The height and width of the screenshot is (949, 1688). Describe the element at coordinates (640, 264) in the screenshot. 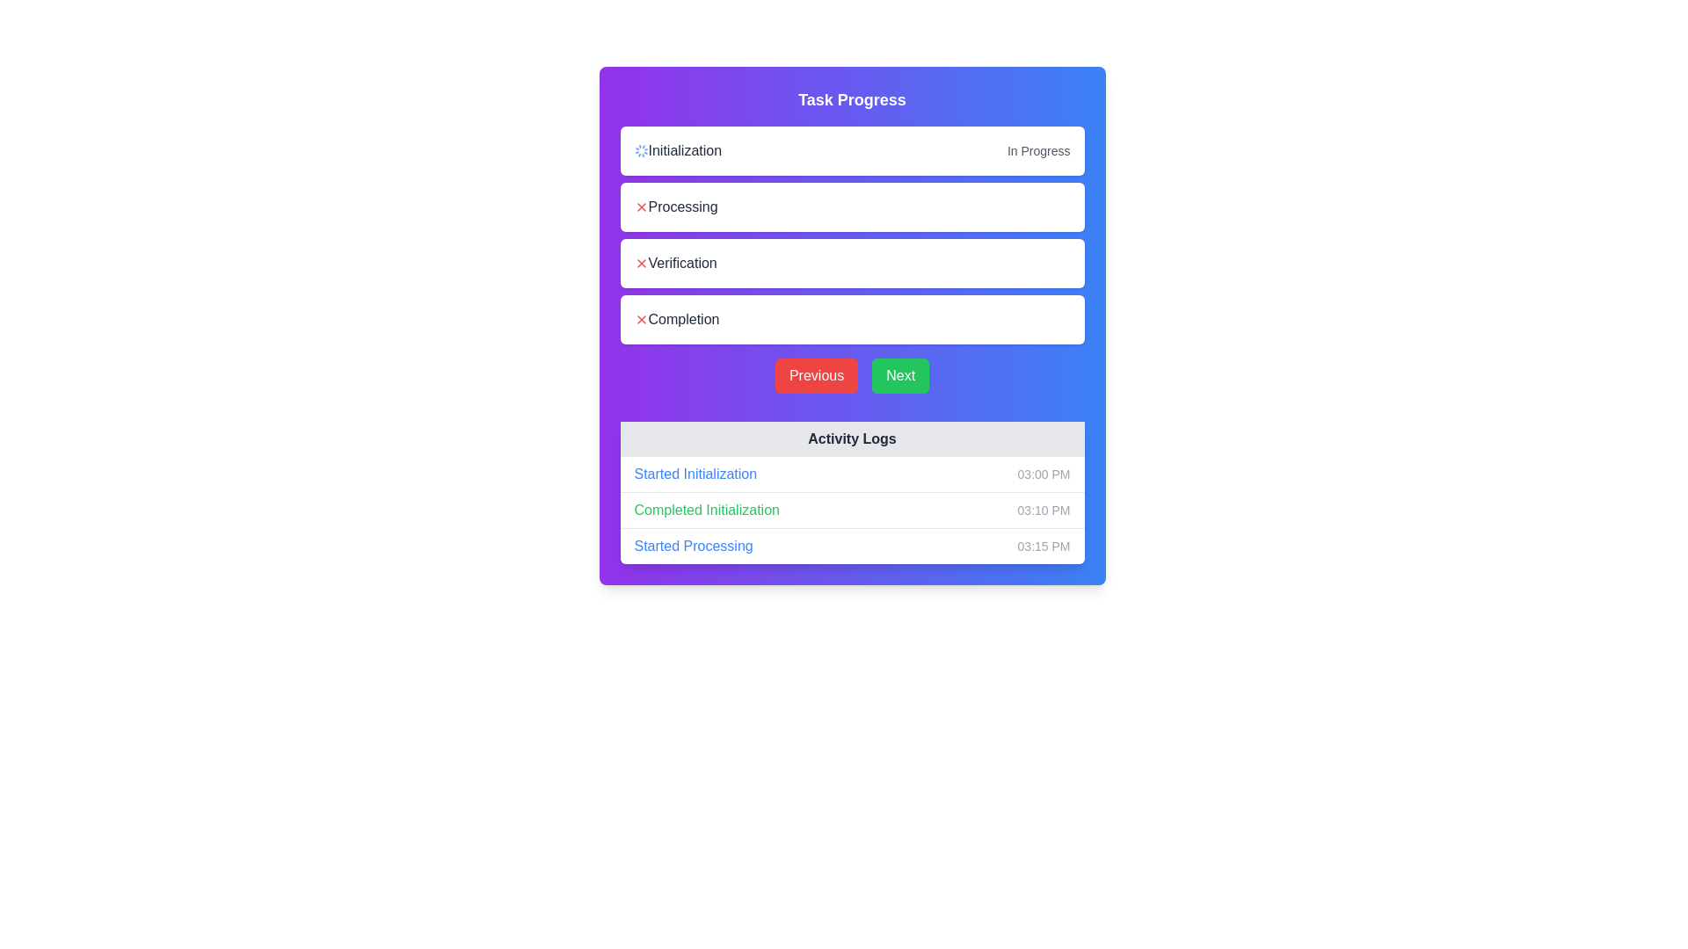

I see `the red cross icon located to the left of the 'Verification' text within the card section of the interface` at that location.